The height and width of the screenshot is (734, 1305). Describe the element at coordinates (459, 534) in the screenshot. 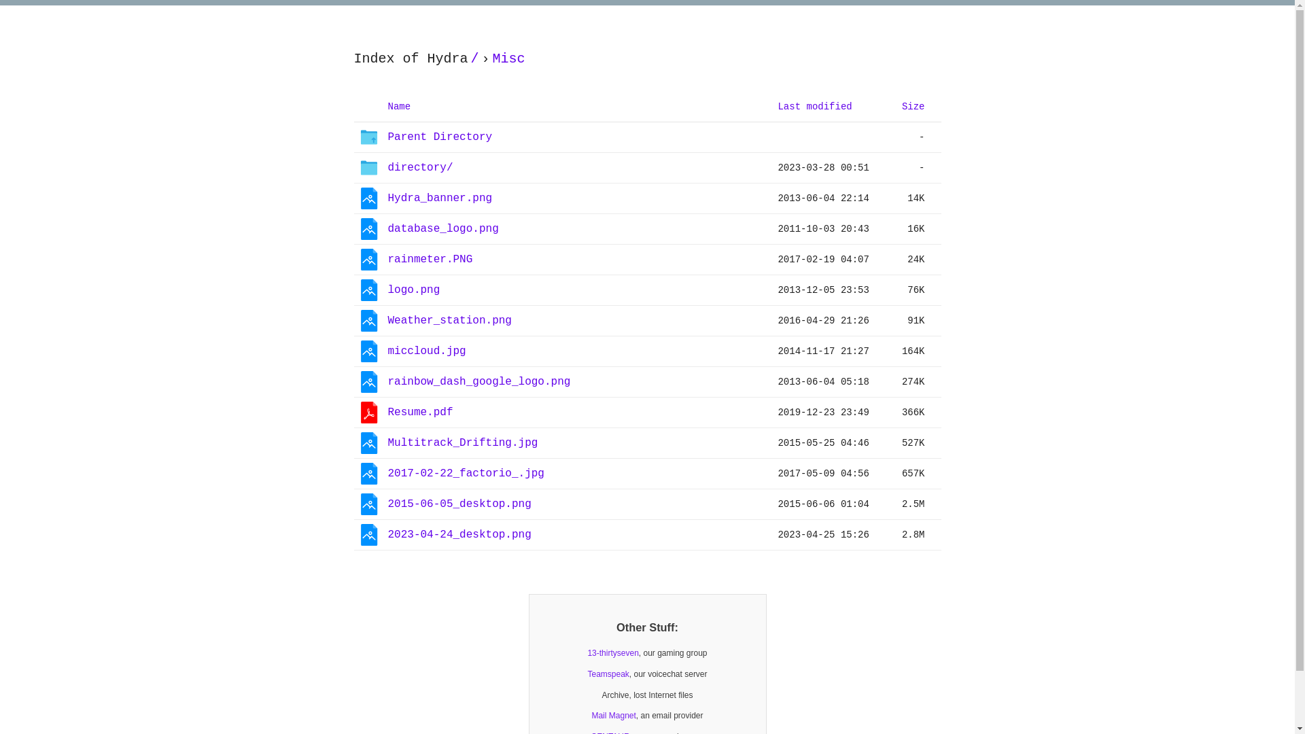

I see `'2023-04-24_desktop.png'` at that location.